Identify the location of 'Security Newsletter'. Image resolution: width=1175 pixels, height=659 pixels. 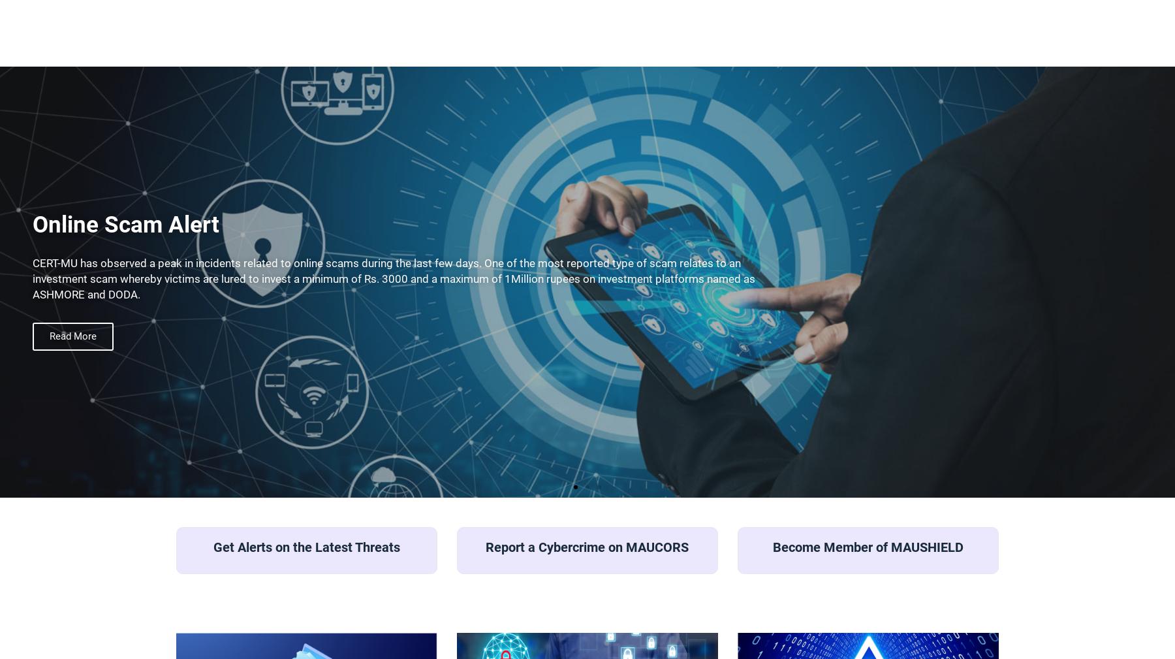
(932, 123).